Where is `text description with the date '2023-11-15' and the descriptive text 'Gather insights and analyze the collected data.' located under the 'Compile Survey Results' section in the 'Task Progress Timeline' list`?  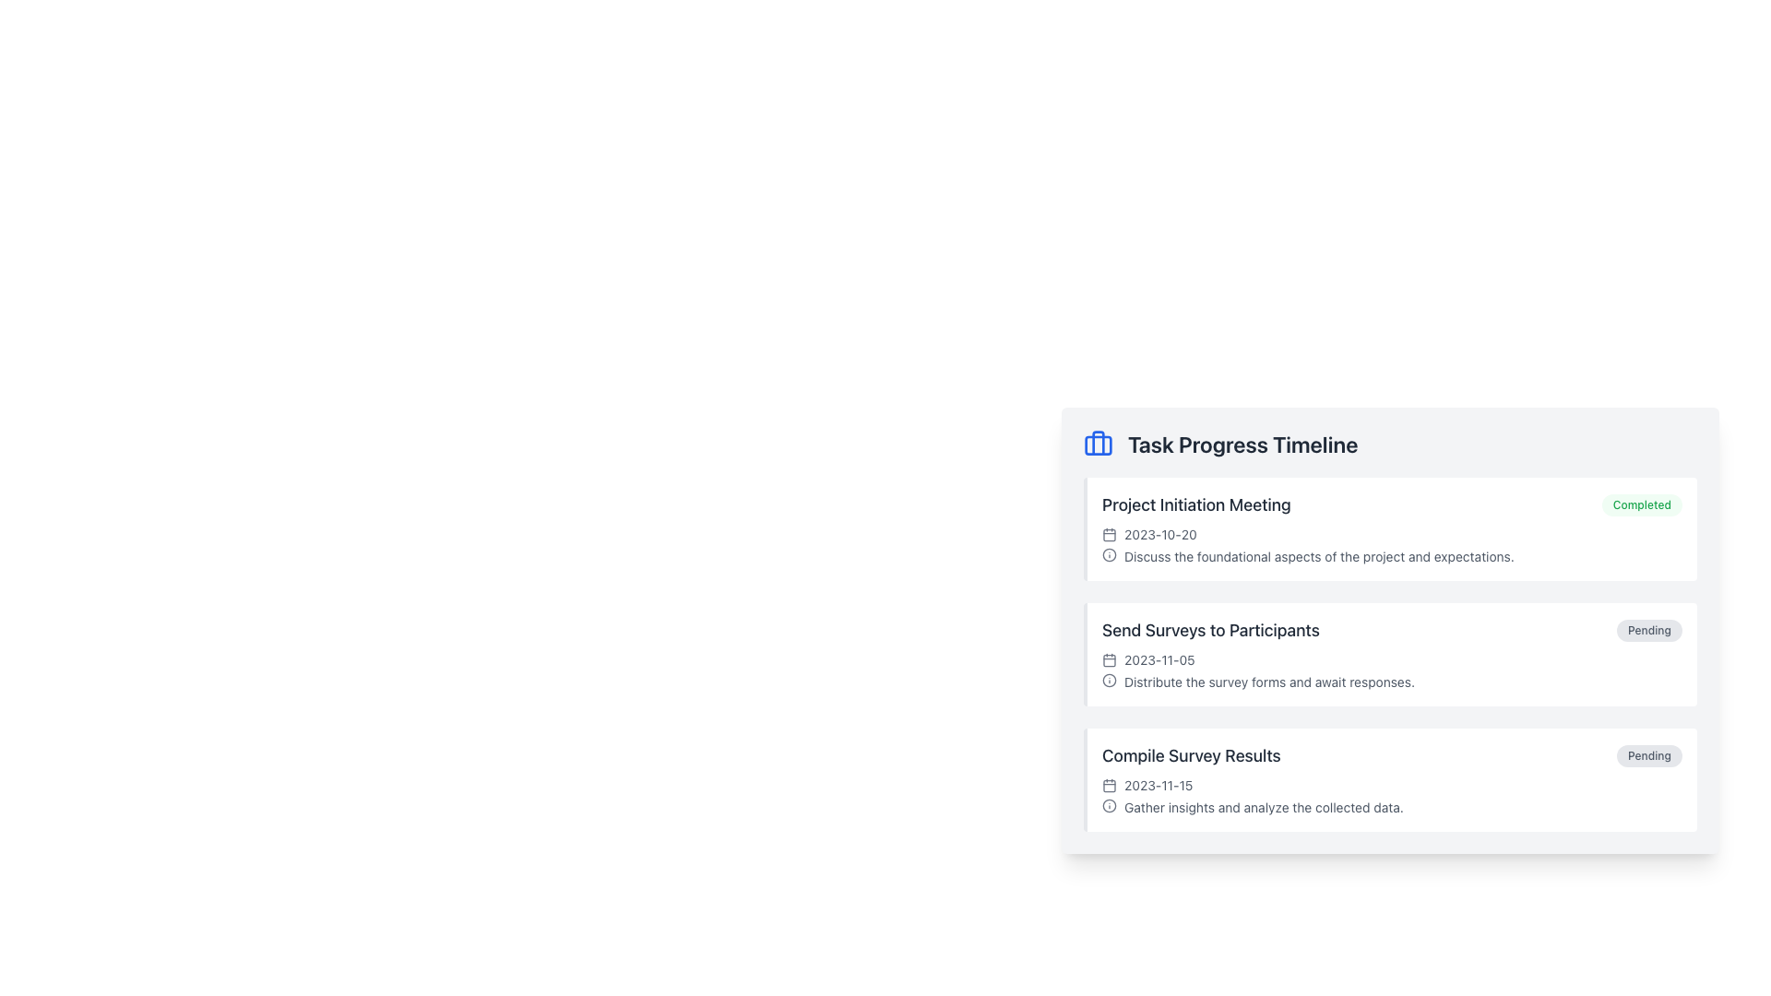
text description with the date '2023-11-15' and the descriptive text 'Gather insights and analyze the collected data.' located under the 'Compile Survey Results' section in the 'Task Progress Timeline' list is located at coordinates (1392, 796).